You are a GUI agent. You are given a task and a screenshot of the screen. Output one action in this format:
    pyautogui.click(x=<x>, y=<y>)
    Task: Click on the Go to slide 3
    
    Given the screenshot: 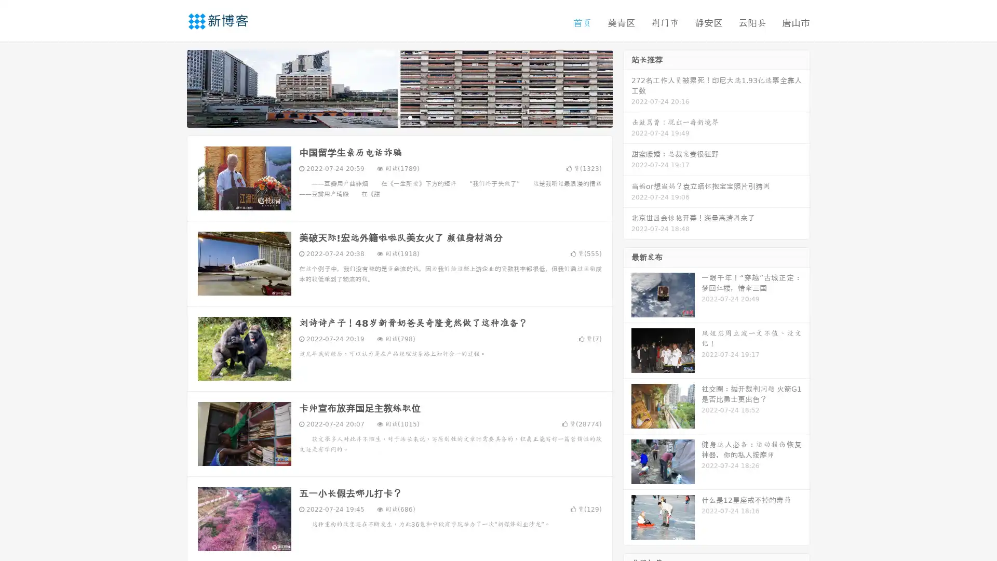 What is the action you would take?
    pyautogui.click(x=410, y=117)
    